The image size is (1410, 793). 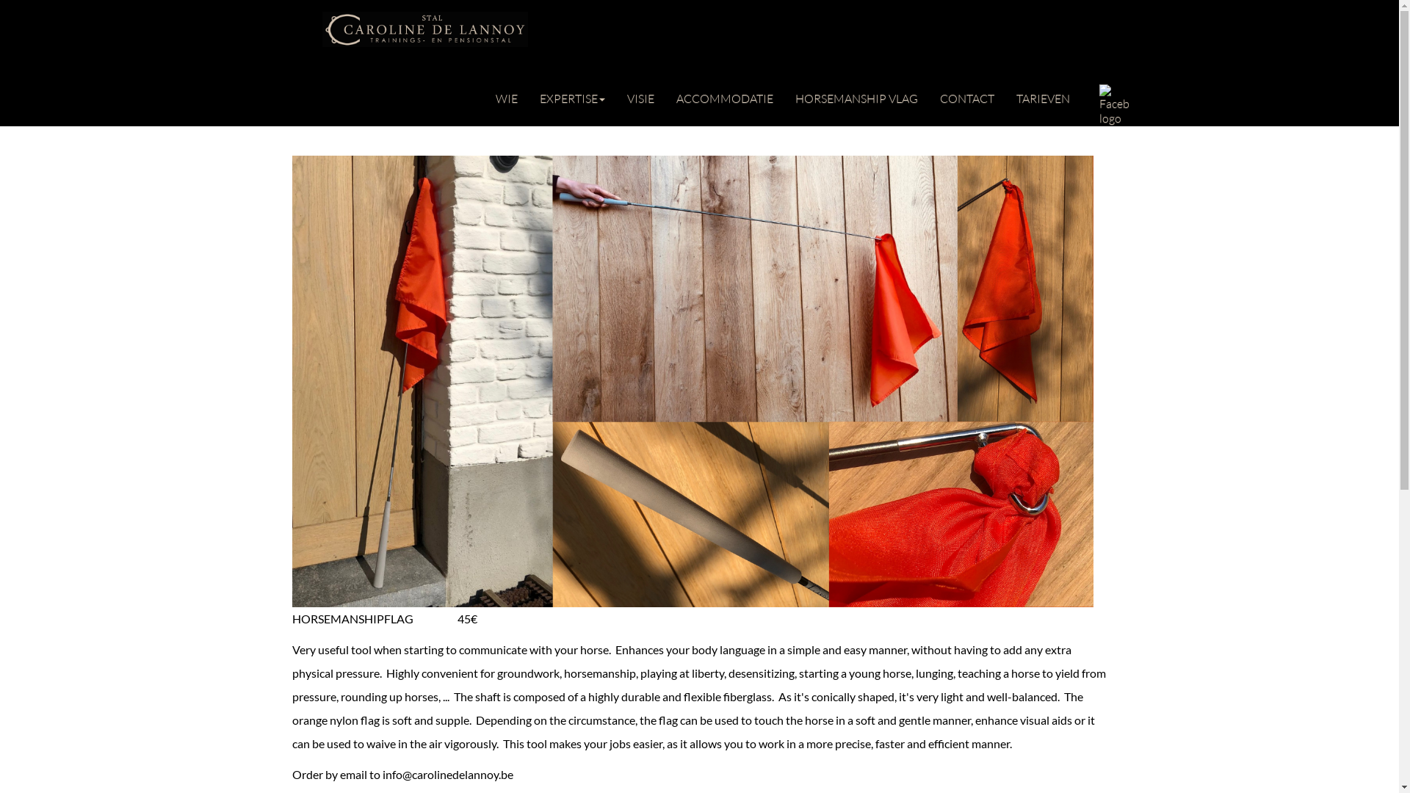 What do you see at coordinates (1113, 104) in the screenshot?
I see `'Facebook logo'` at bounding box center [1113, 104].